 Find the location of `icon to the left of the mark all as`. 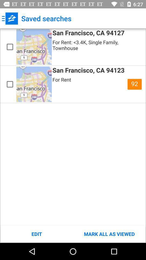

icon to the left of the mark all as is located at coordinates (36, 234).